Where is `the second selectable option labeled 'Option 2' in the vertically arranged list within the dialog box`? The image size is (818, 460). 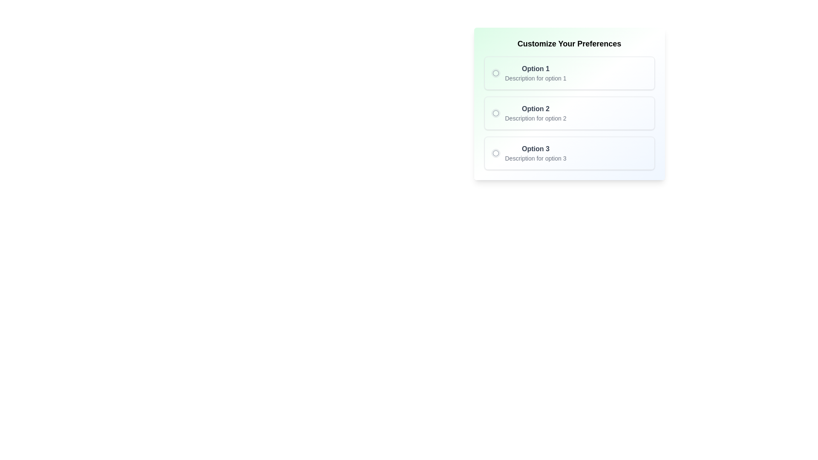 the second selectable option labeled 'Option 2' in the vertically arranged list within the dialog box is located at coordinates (569, 103).